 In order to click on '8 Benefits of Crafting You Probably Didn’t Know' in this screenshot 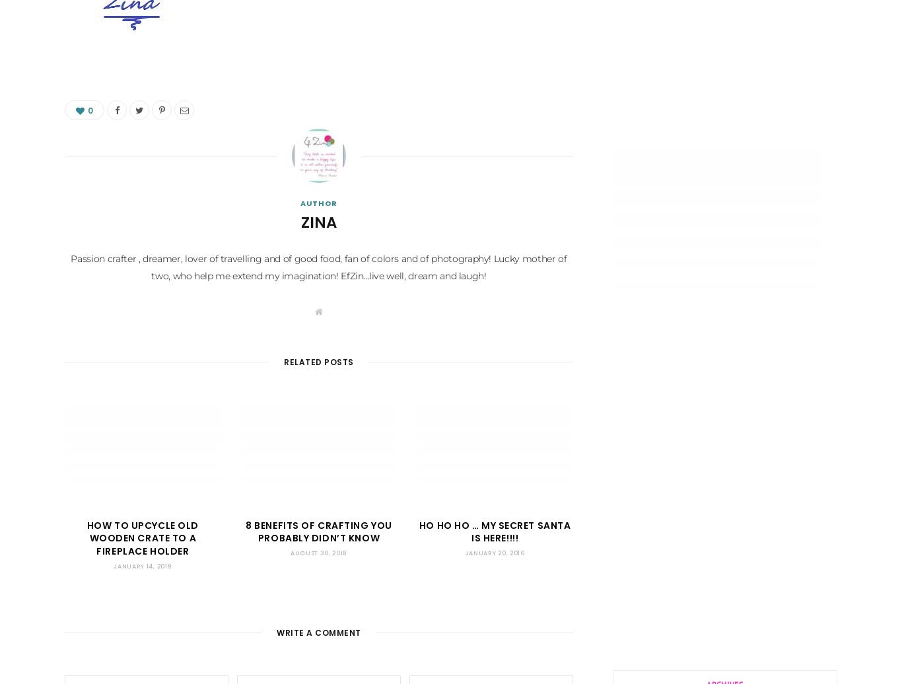, I will do `click(318, 531)`.